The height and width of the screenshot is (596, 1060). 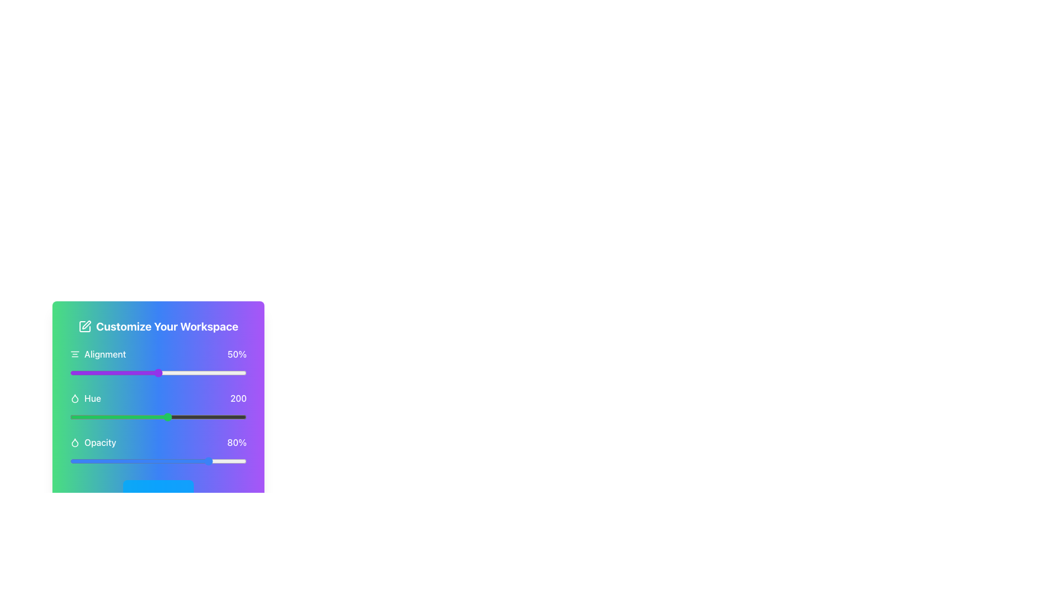 I want to click on hue, so click(x=205, y=417).